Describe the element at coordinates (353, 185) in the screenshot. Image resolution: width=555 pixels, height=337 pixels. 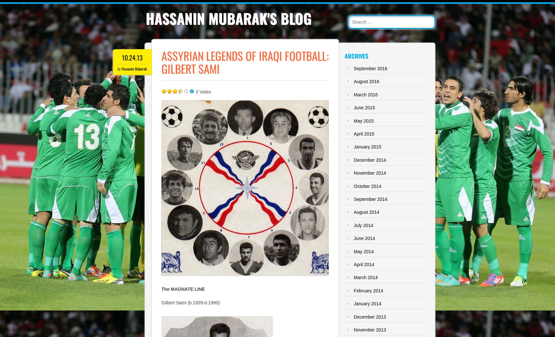
I see `'October 2014'` at that location.